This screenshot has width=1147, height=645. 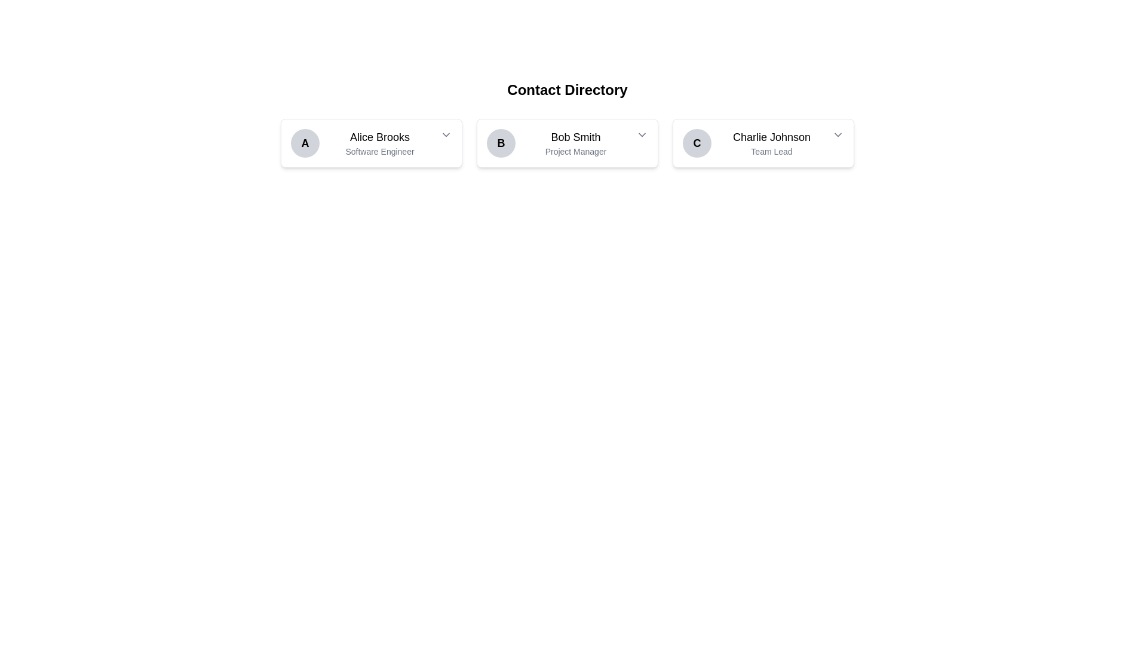 What do you see at coordinates (697, 142) in the screenshot?
I see `the circular badge with a light gray background and a bold black letter 'C' at the center, which is positioned to the left of the text content in the card layout for 'Charlie Johnson'` at bounding box center [697, 142].